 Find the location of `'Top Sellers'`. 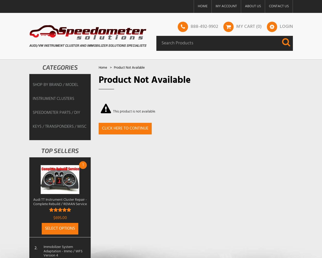

'Top Sellers' is located at coordinates (41, 150).